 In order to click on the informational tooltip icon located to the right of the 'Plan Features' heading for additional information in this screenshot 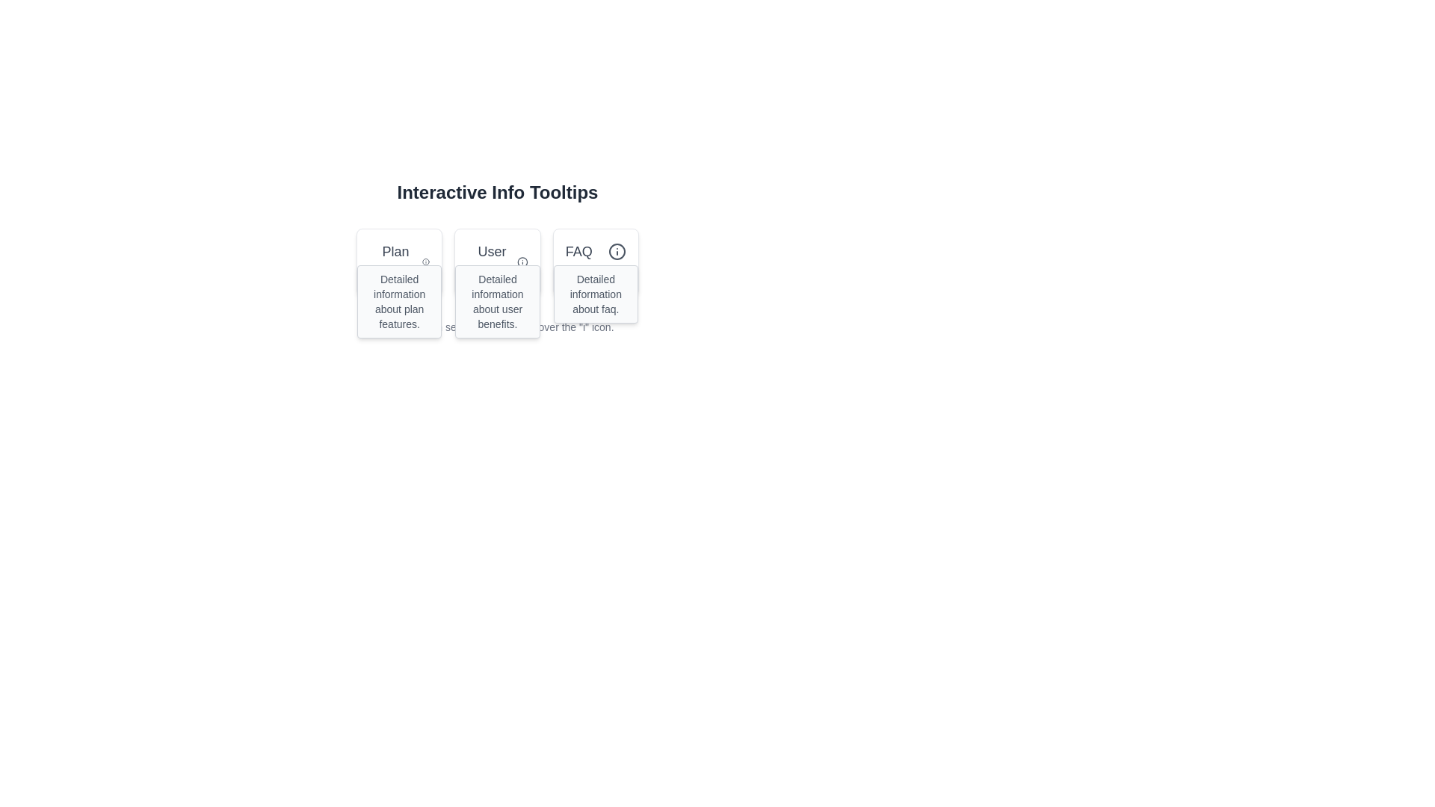, I will do `click(425, 262)`.